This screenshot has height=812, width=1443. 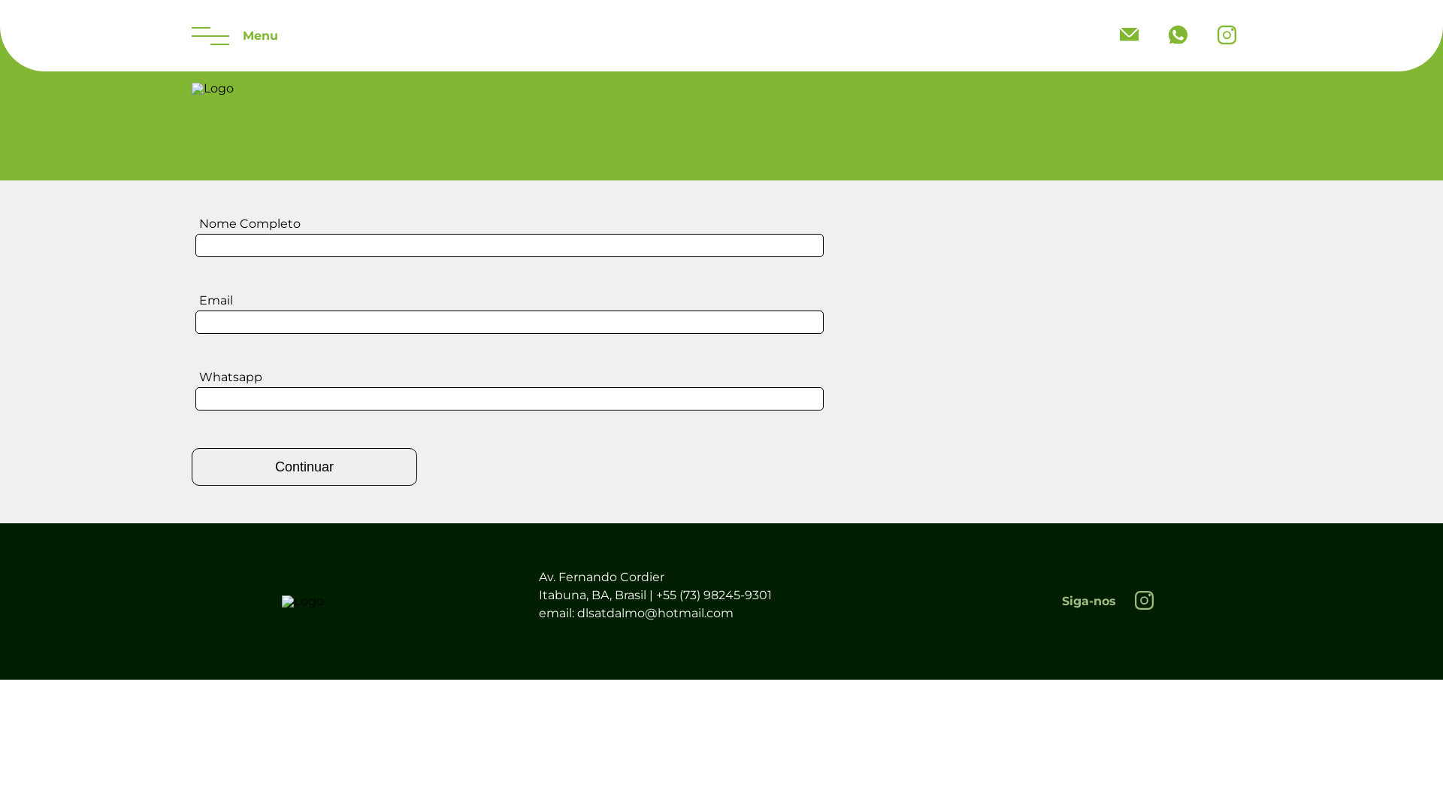 I want to click on 'Continuar', so click(x=303, y=466).